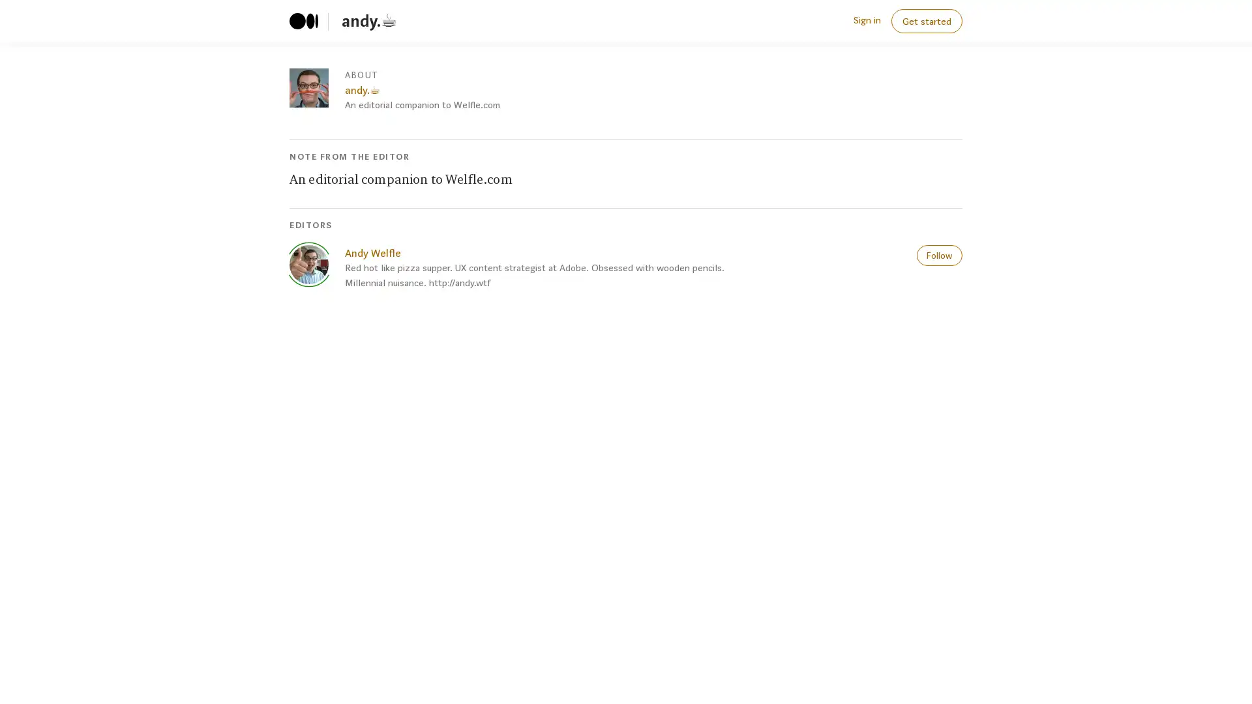  I want to click on Follow to get new stories and recommendations from this author, so click(939, 254).